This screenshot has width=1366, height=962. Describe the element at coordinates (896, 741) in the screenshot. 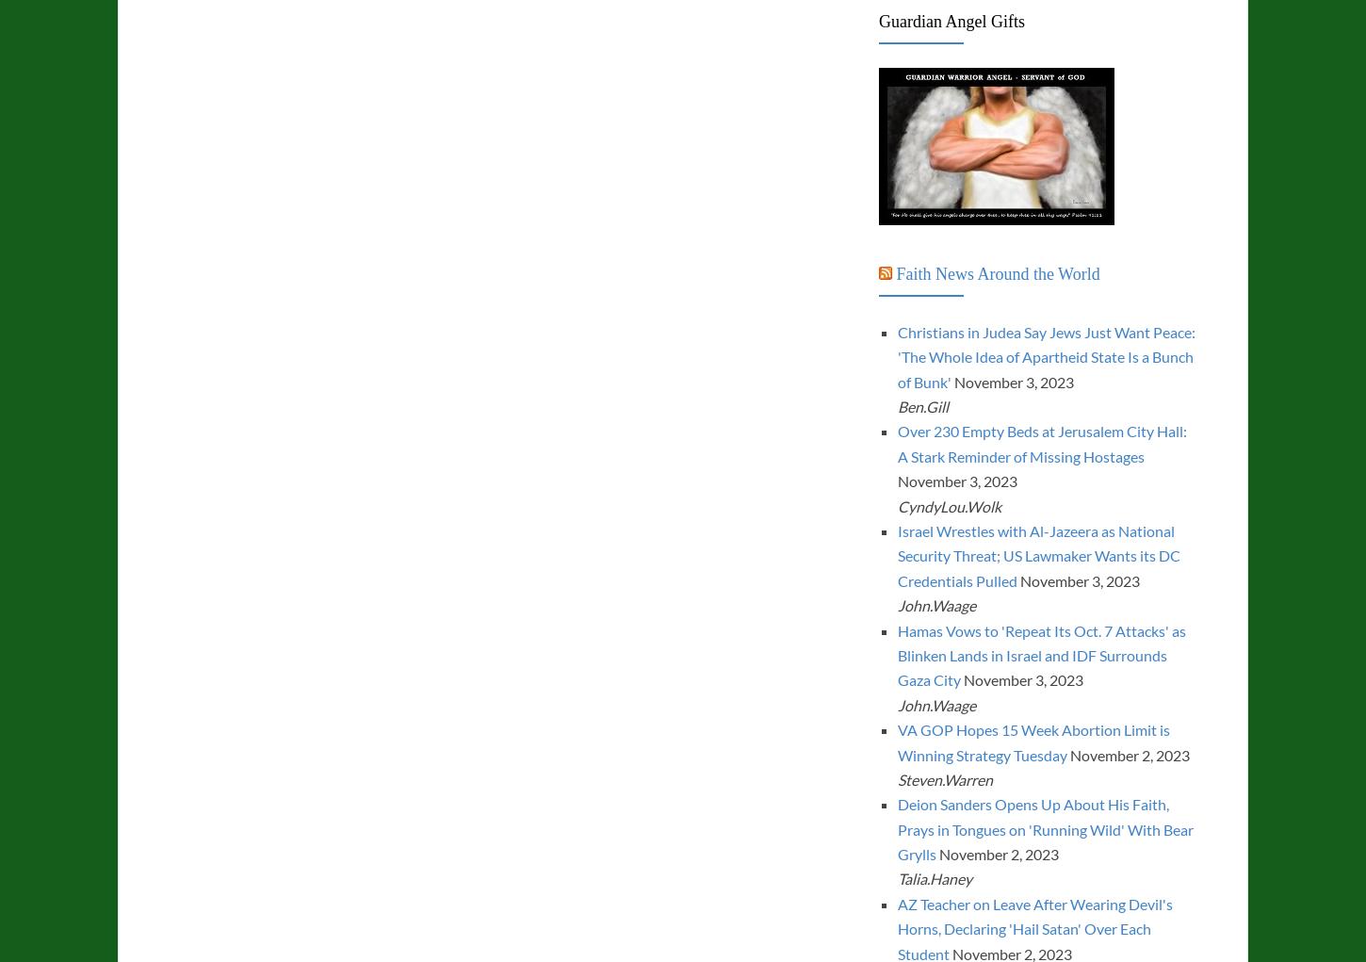

I see `'VA GOP Hopes 15 Week Abortion Limit is Winning Strategy Tuesday'` at that location.